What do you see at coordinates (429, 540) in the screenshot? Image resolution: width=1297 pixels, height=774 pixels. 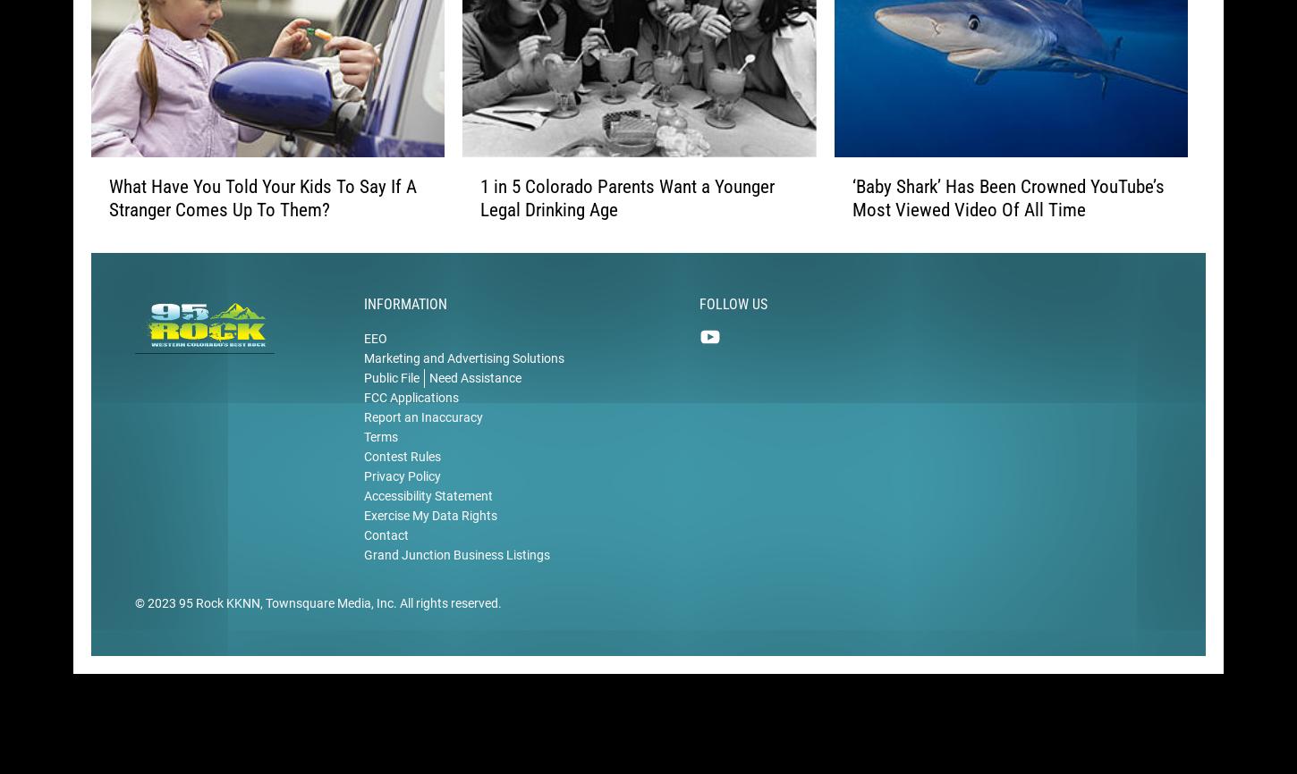 I see `'Exercise My Data Rights'` at bounding box center [429, 540].